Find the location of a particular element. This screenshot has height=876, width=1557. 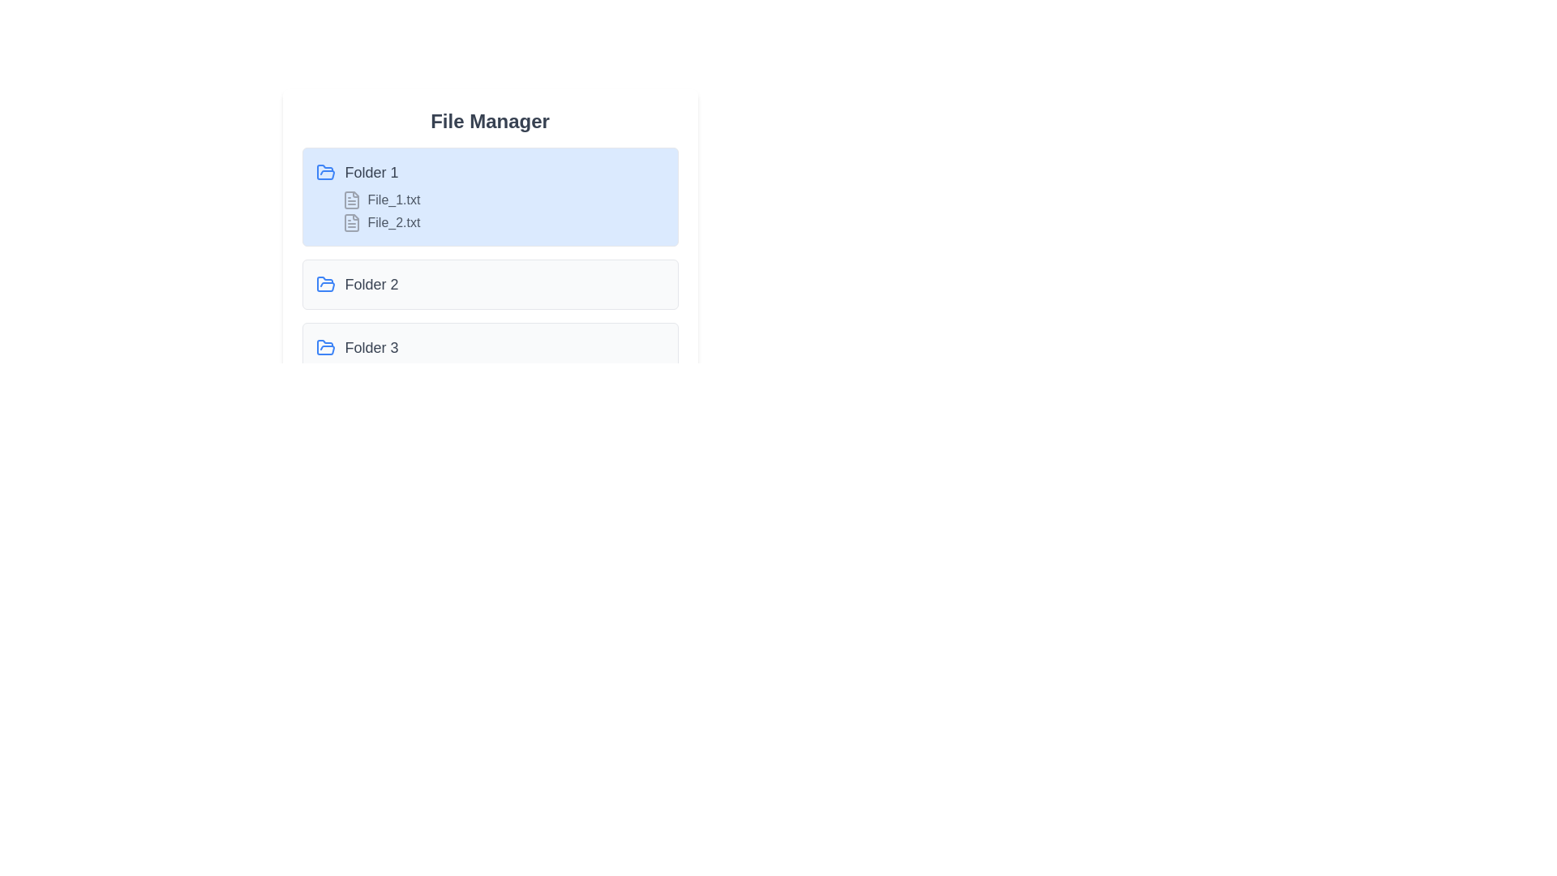

the text label 'Folder 1' which is styled in gray color and is part of the file manager interface, located next to a folder icon is located at coordinates (371, 172).